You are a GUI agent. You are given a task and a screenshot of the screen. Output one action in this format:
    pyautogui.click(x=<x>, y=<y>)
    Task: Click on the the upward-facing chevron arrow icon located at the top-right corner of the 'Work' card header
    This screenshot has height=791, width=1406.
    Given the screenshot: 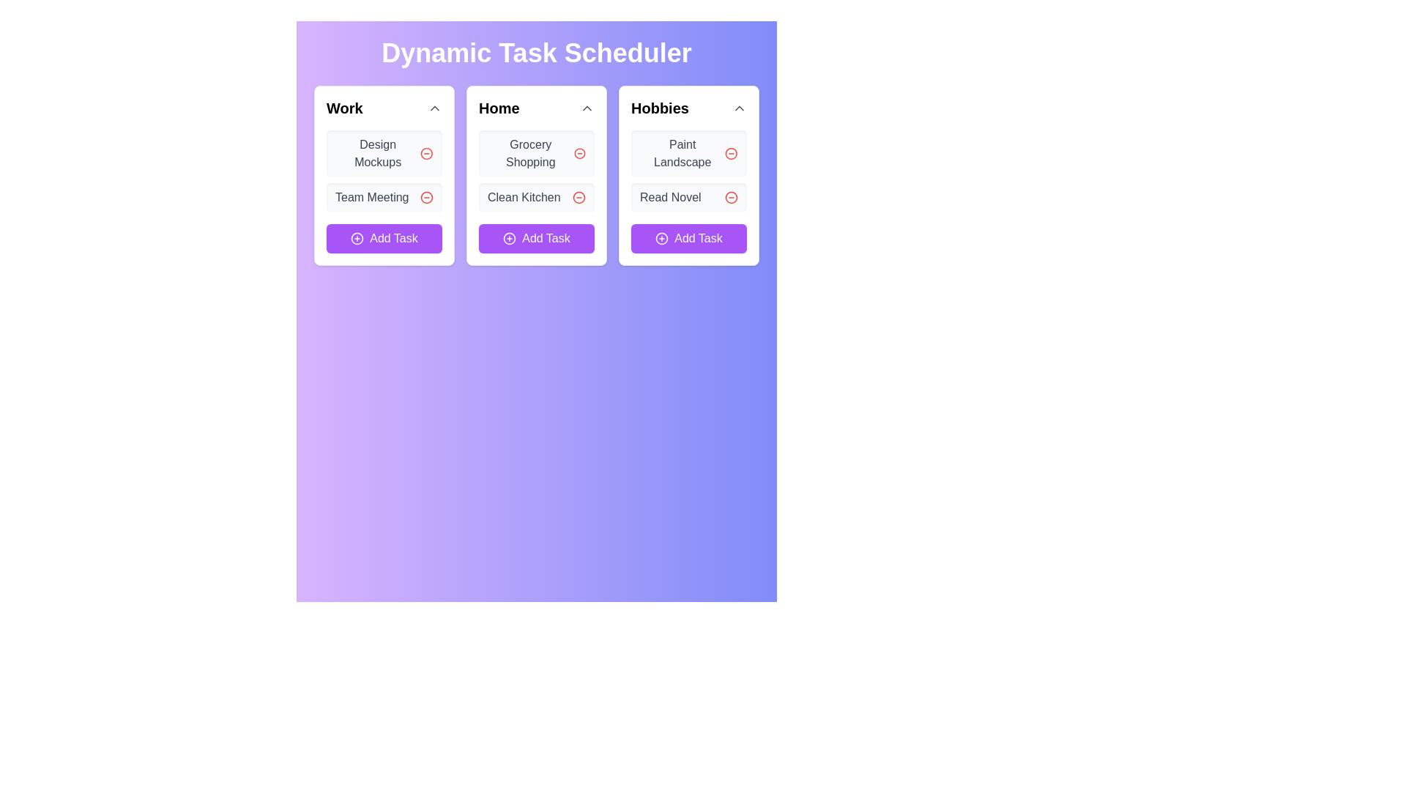 What is the action you would take?
    pyautogui.click(x=434, y=107)
    